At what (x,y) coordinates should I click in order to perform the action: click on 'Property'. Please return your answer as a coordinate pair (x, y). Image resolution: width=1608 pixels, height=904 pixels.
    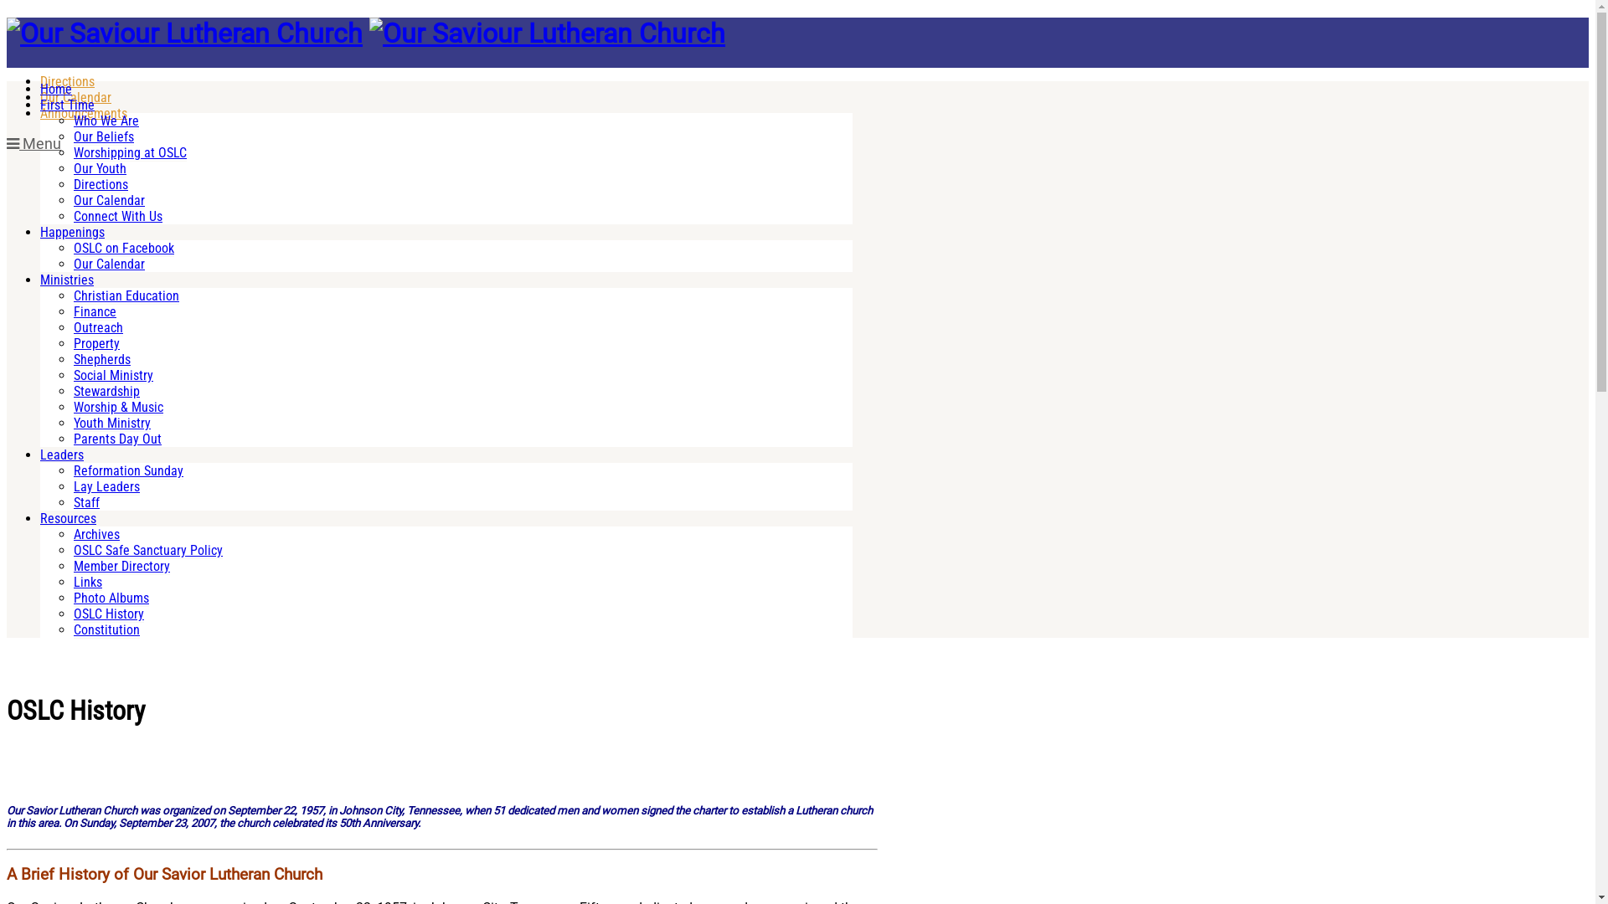
    Looking at the image, I should click on (95, 343).